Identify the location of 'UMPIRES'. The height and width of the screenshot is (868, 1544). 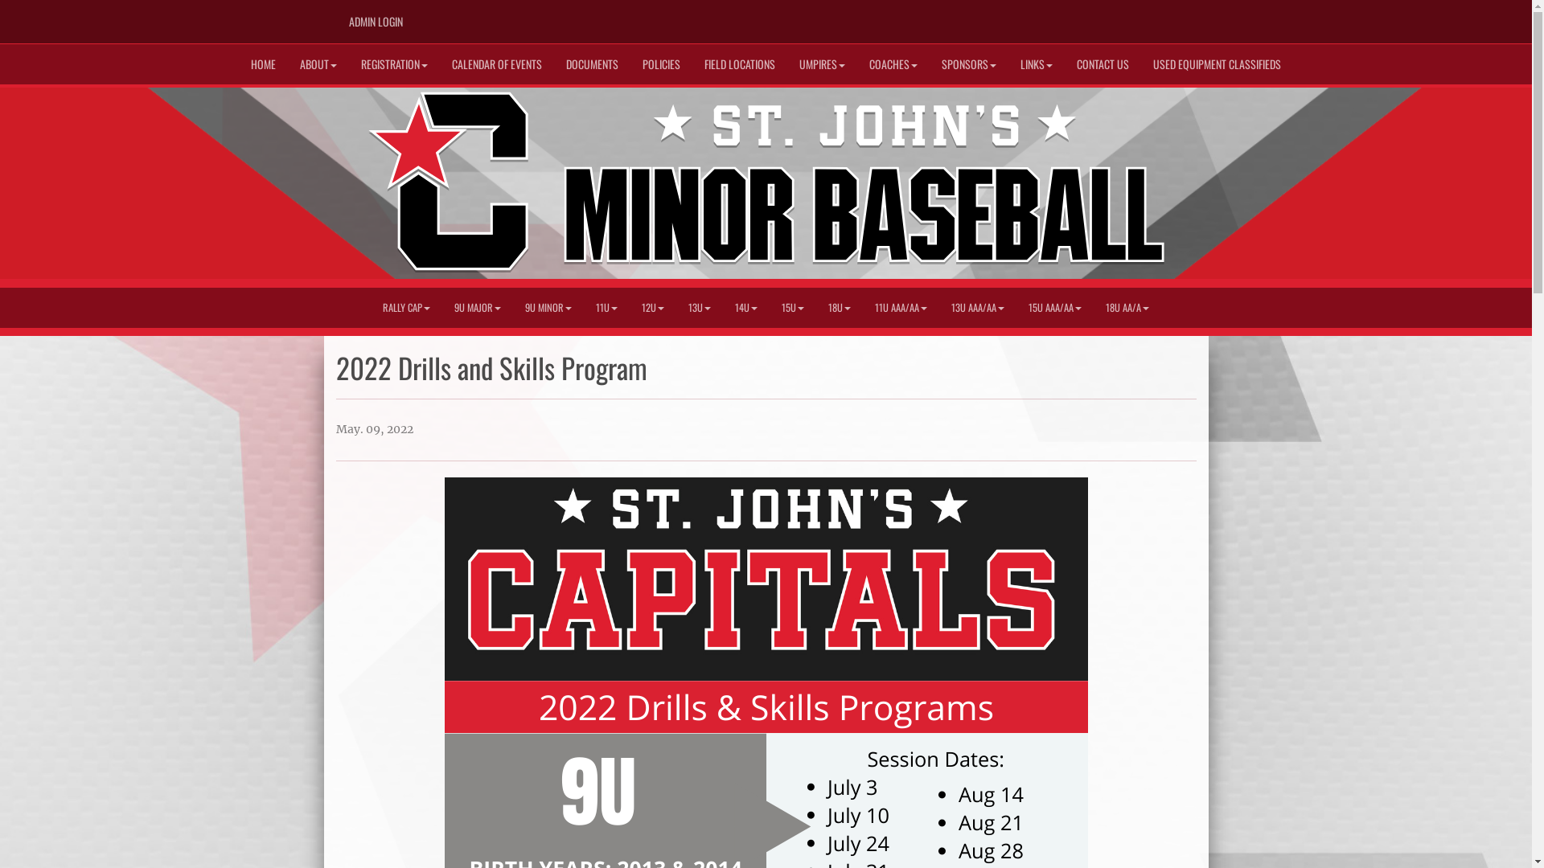
(822, 63).